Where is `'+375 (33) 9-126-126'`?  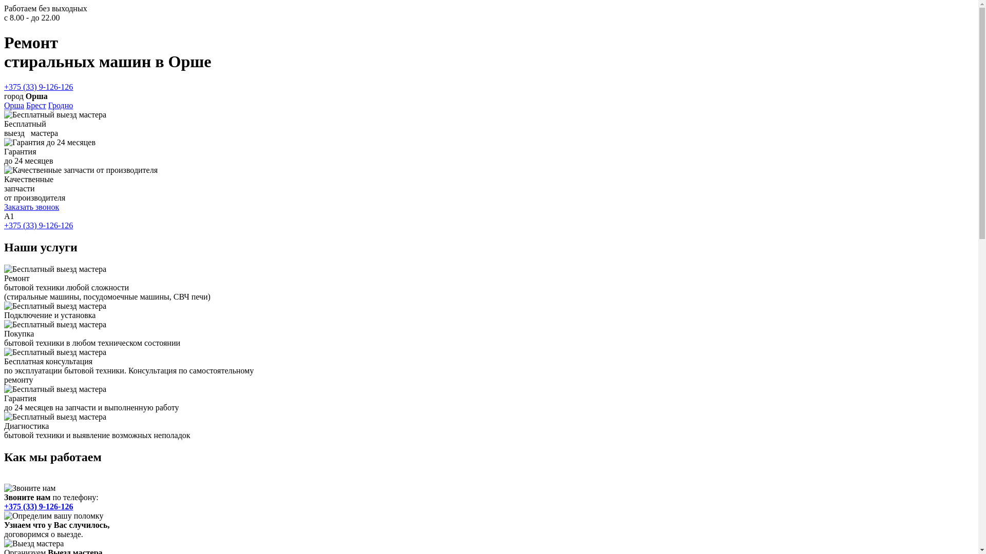 '+375 (33) 9-126-126' is located at coordinates (39, 86).